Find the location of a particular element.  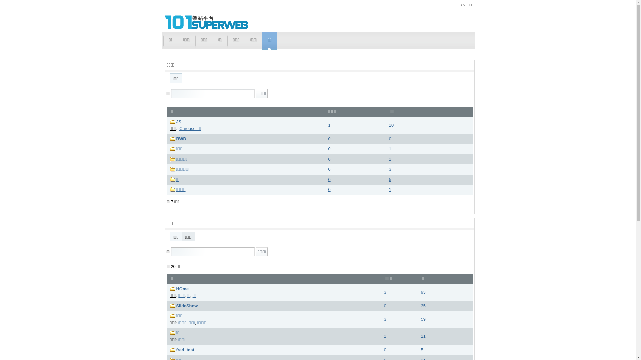

'59' is located at coordinates (423, 319).